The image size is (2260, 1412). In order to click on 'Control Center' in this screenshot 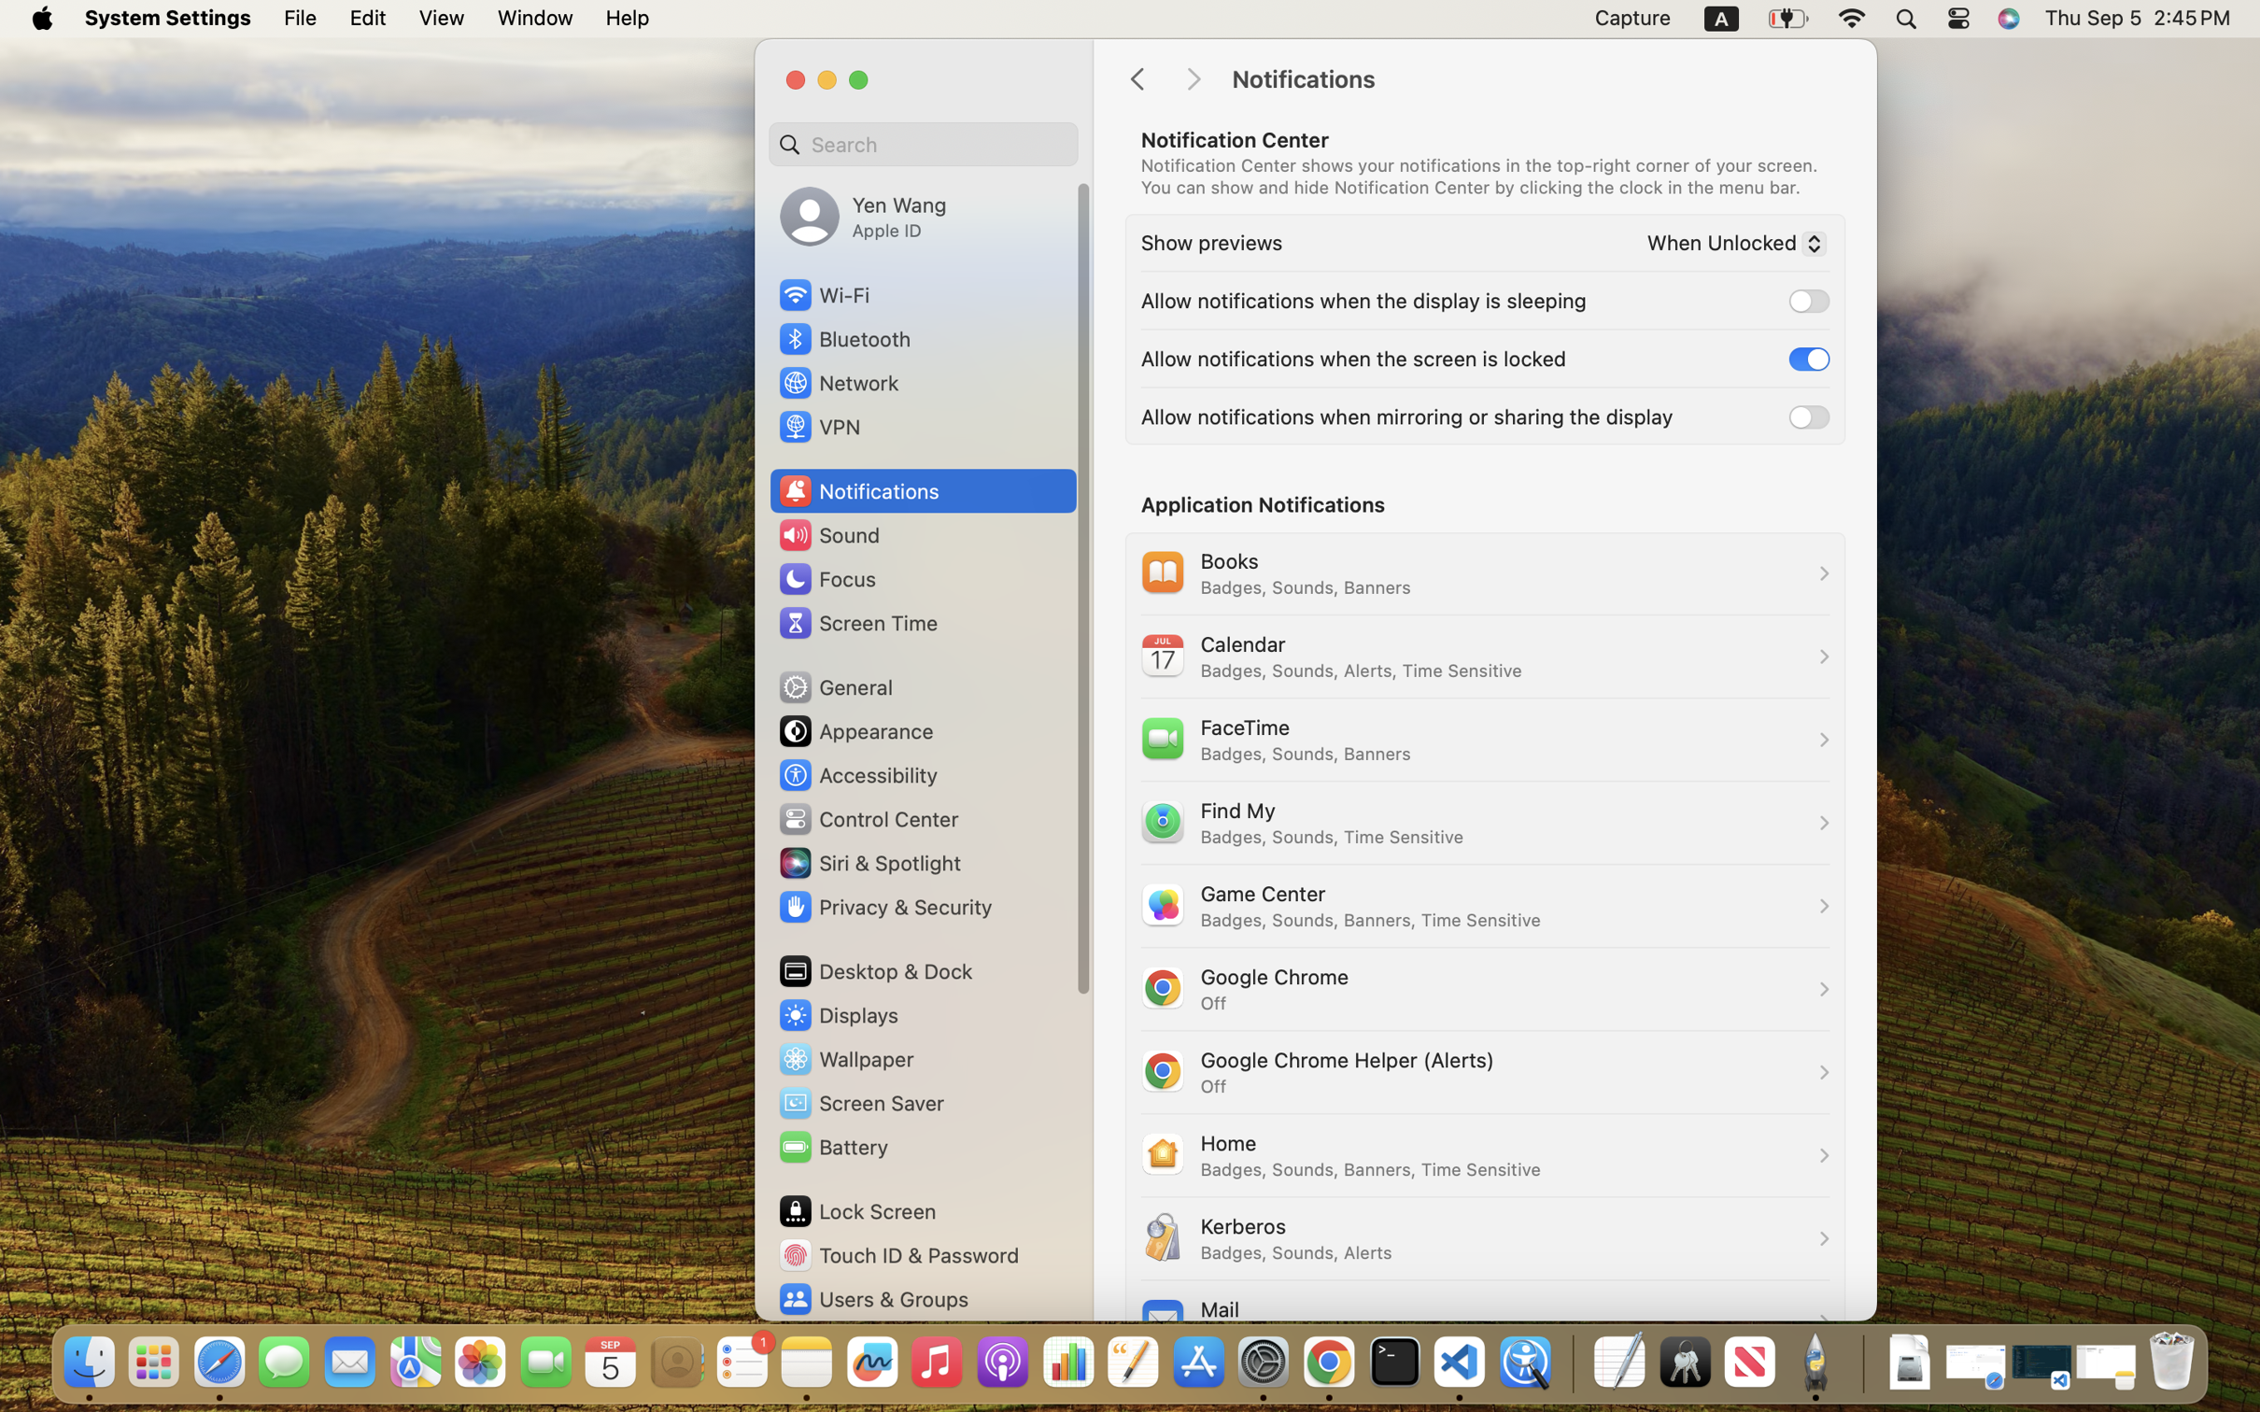, I will do `click(868, 818)`.